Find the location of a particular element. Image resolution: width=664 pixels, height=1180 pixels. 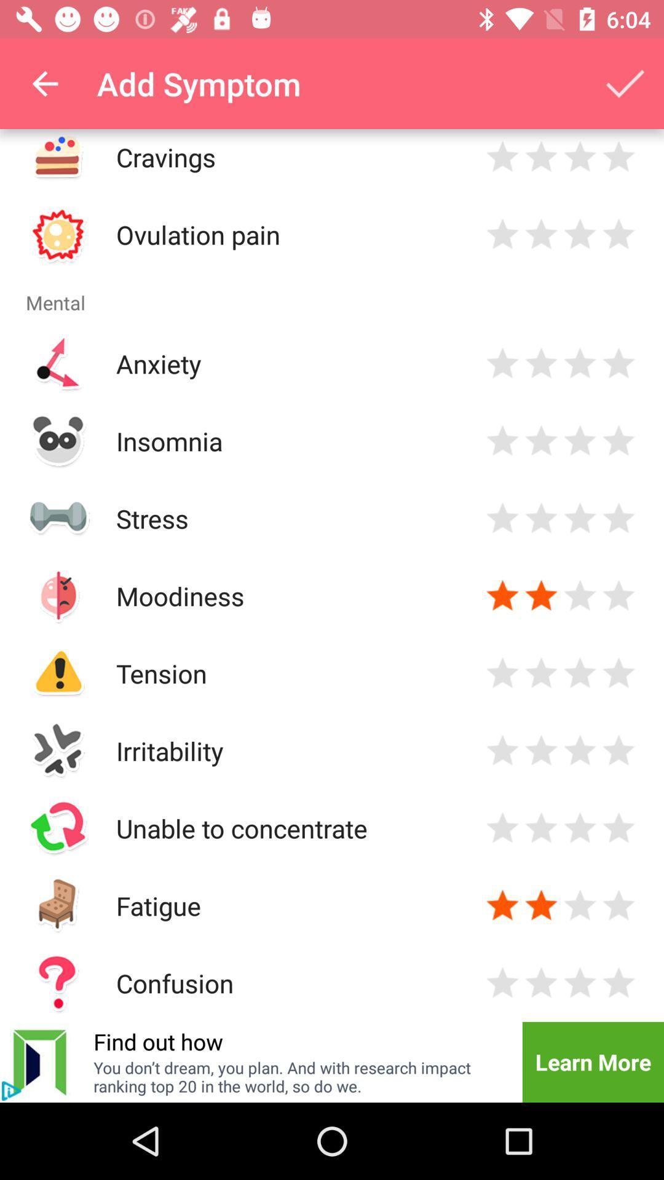

rate item one star is located at coordinates (502, 363).